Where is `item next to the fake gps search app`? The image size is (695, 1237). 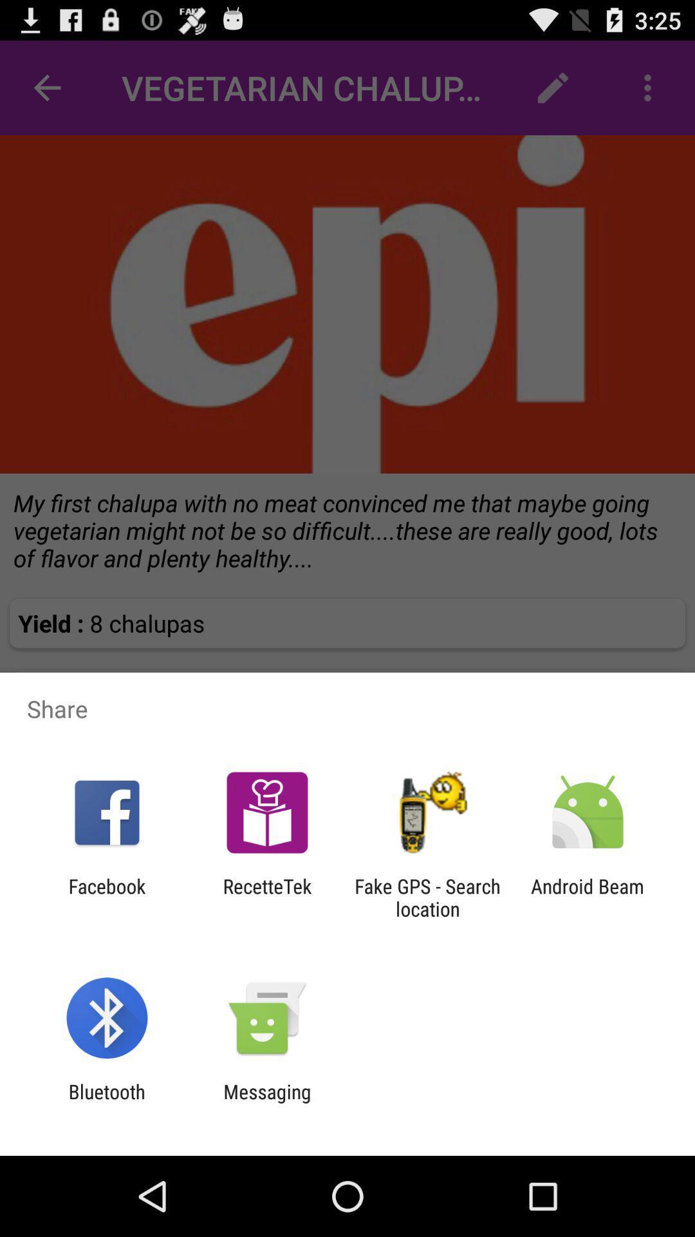
item next to the fake gps search app is located at coordinates (266, 897).